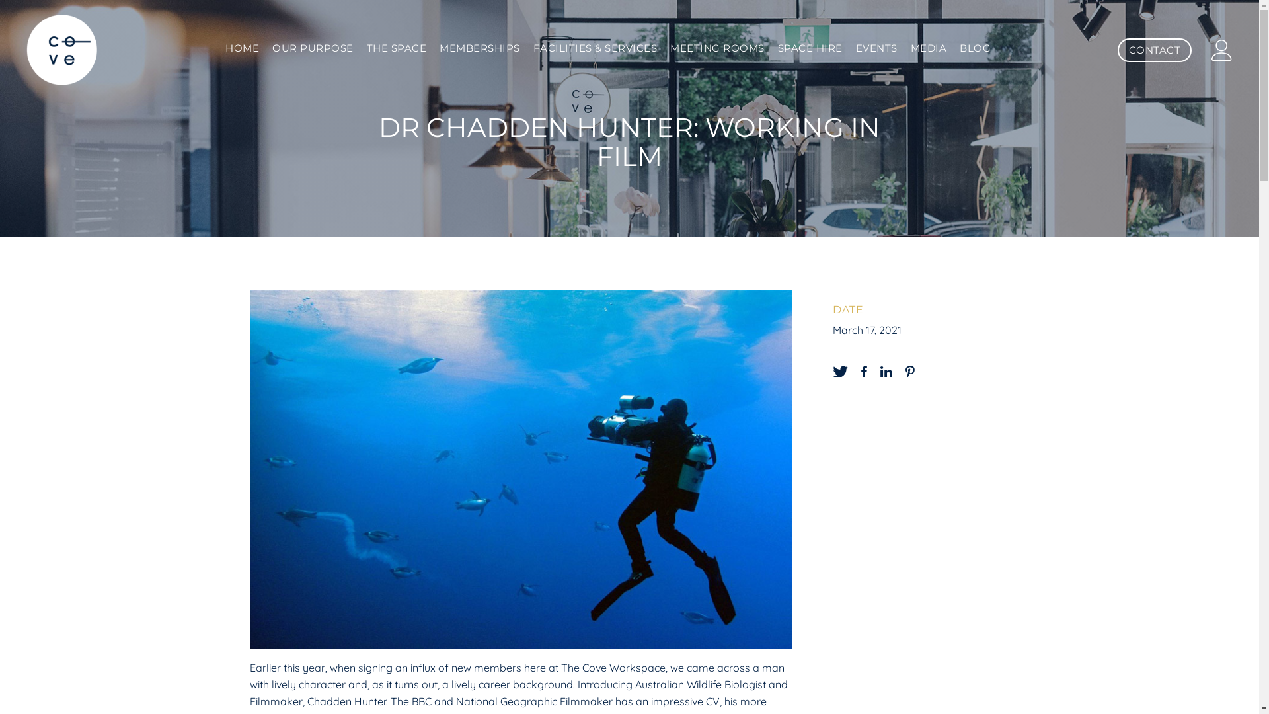 This screenshot has width=1269, height=714. I want to click on 'MEETING ROOMS', so click(716, 48).